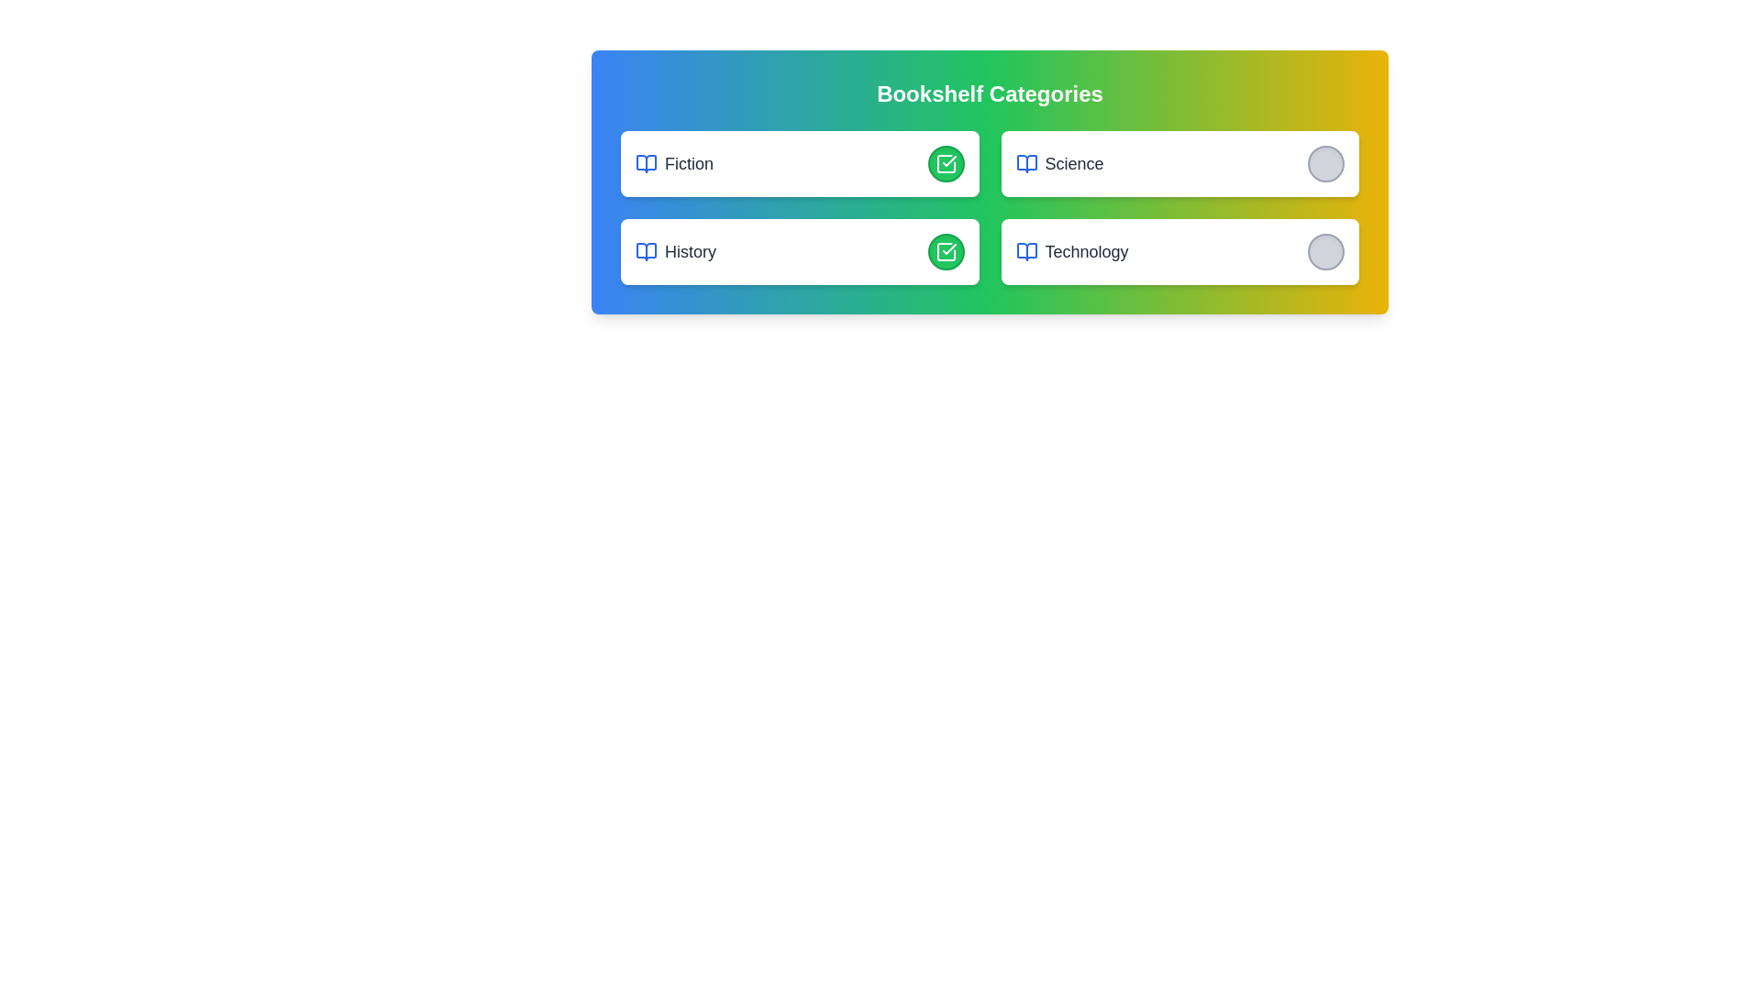  Describe the element at coordinates (946, 251) in the screenshot. I see `the category History by clicking its corresponding button` at that location.